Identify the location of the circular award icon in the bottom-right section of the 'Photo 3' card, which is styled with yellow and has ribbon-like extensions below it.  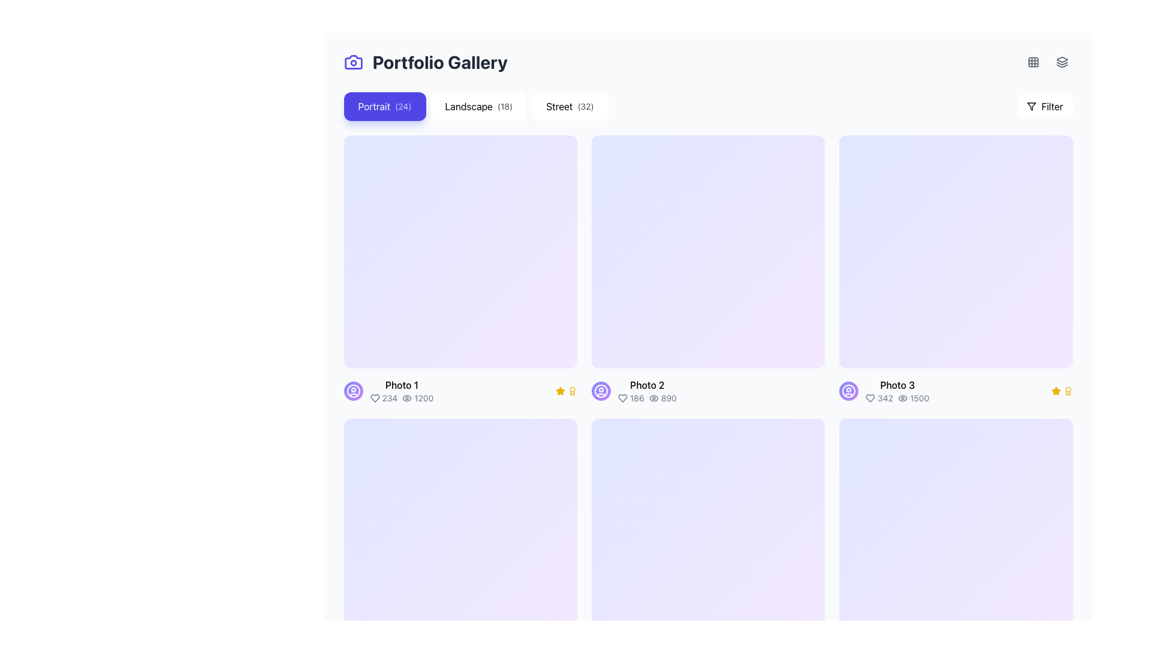
(571, 391).